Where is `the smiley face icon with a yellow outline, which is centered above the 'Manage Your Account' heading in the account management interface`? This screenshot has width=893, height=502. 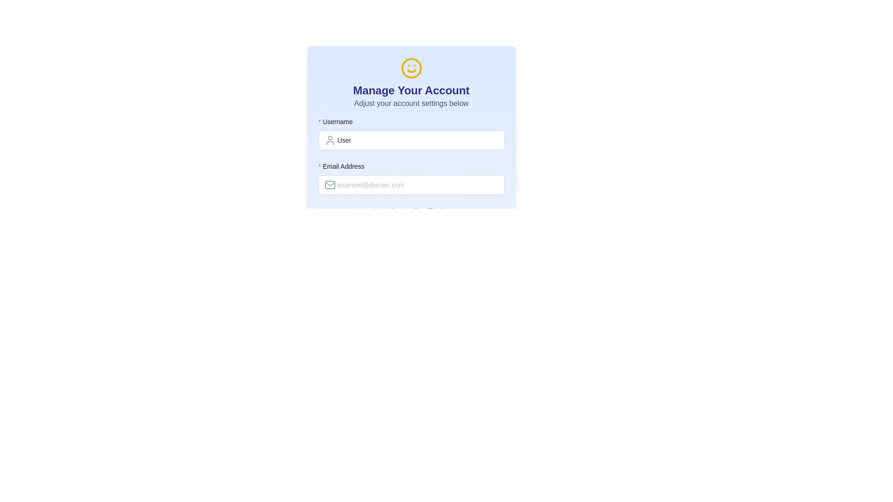 the smiley face icon with a yellow outline, which is centered above the 'Manage Your Account' heading in the account management interface is located at coordinates (411, 67).